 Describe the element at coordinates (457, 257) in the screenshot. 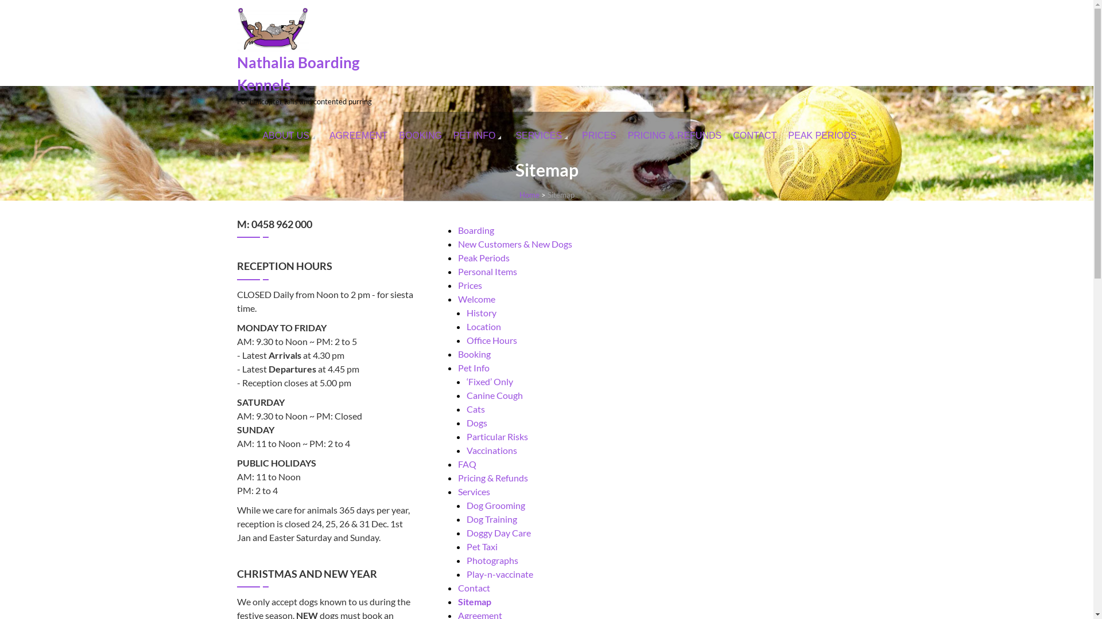

I see `'Peak Periods'` at that location.